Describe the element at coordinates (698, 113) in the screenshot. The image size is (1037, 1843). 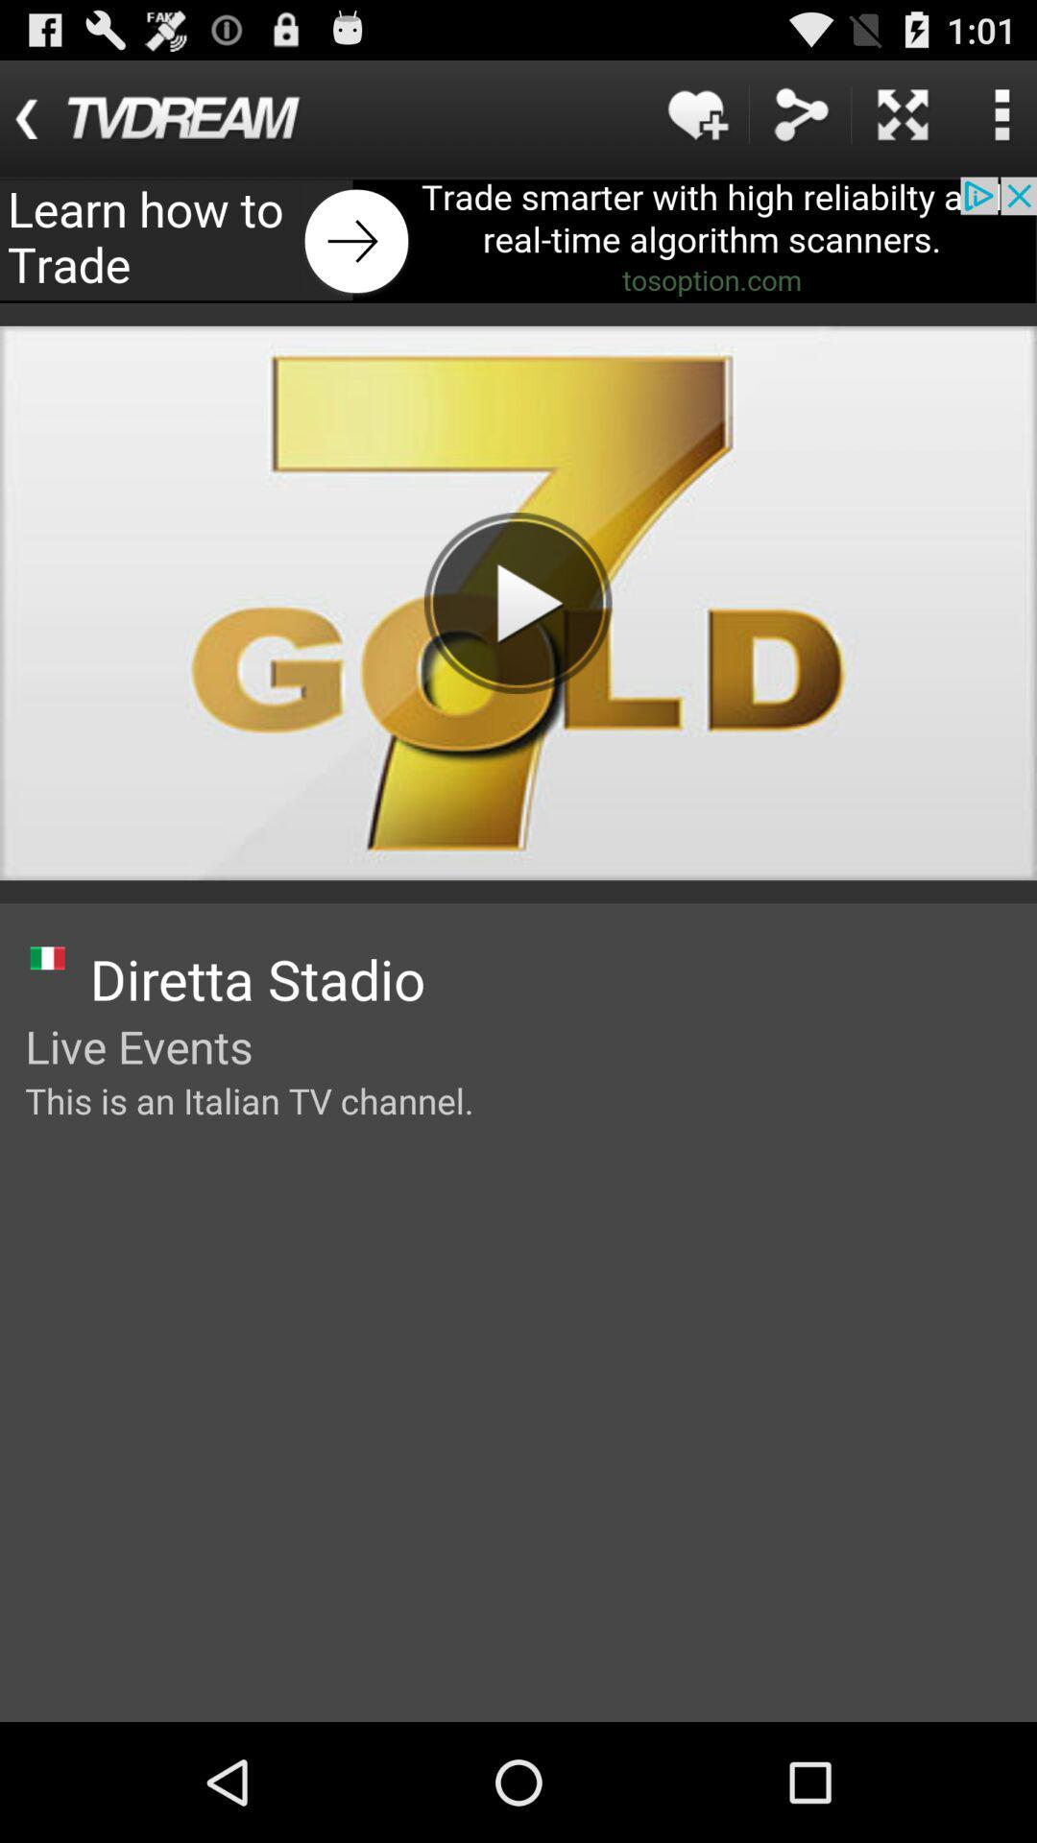
I see `icon left to share icon at the top of the page` at that location.